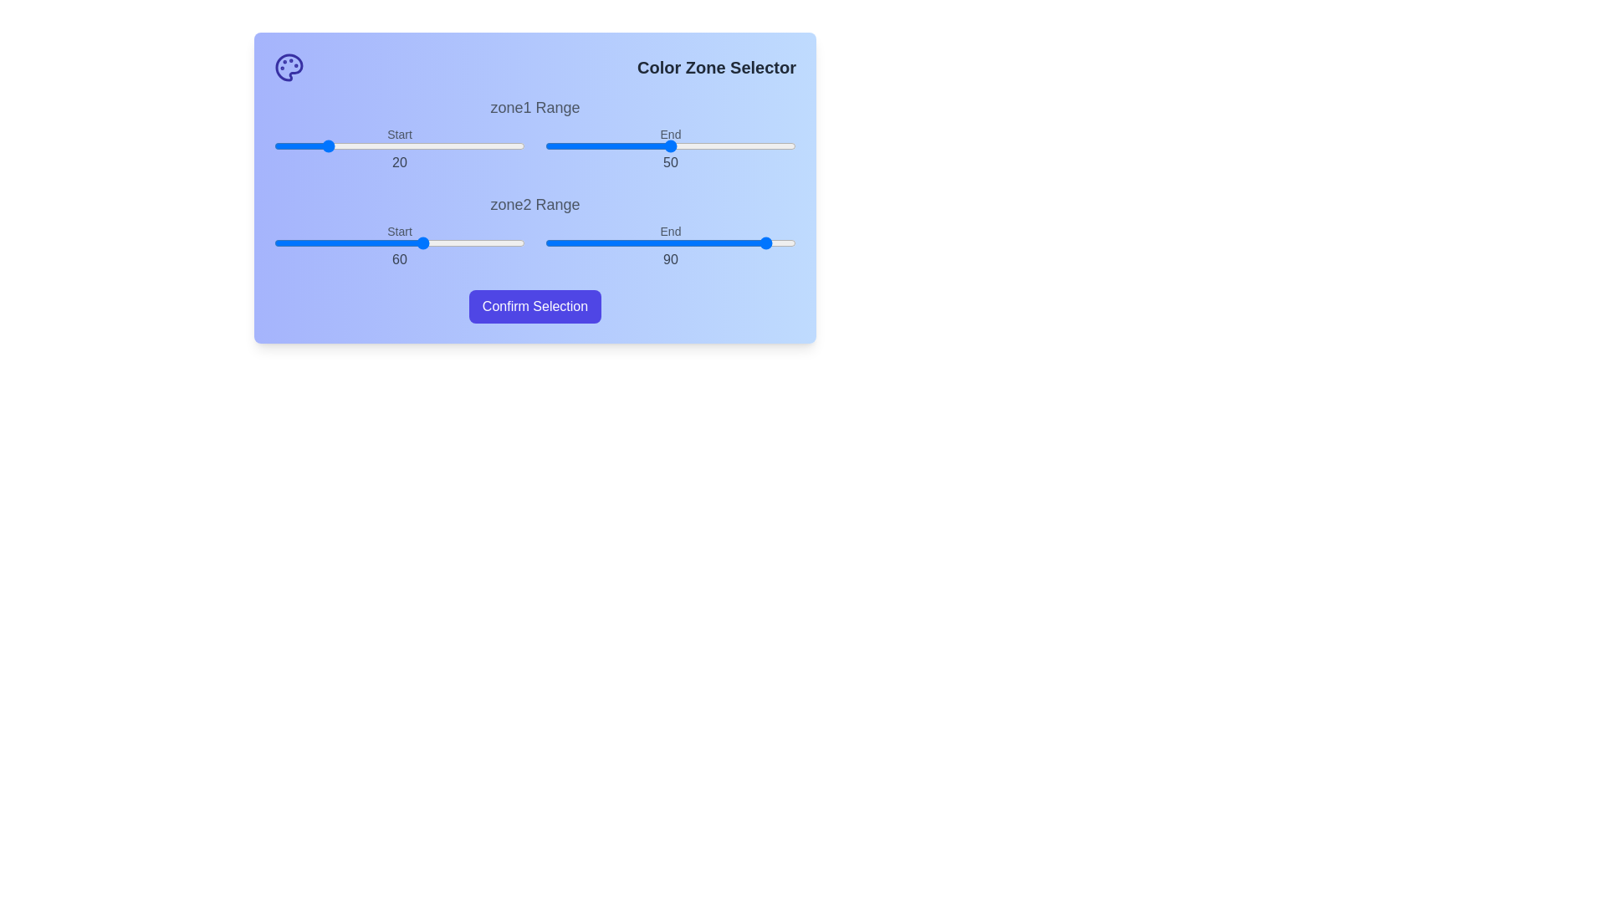  What do you see at coordinates (453, 145) in the screenshot?
I see `the start range slider for zone1 to 71` at bounding box center [453, 145].